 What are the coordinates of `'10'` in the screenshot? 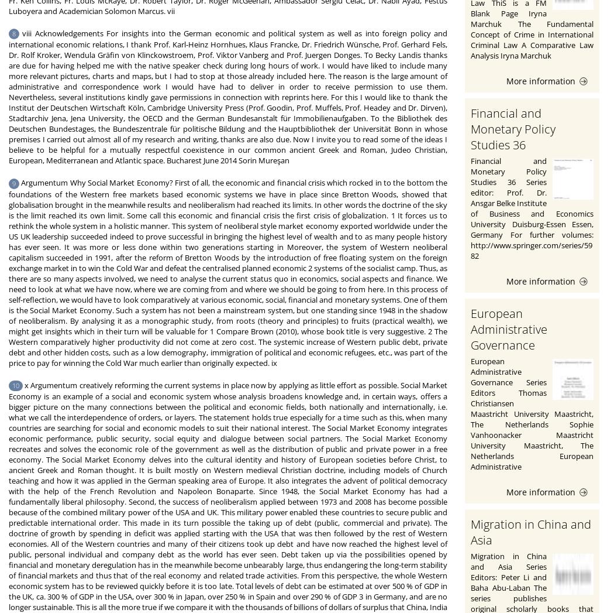 It's located at (12, 385).